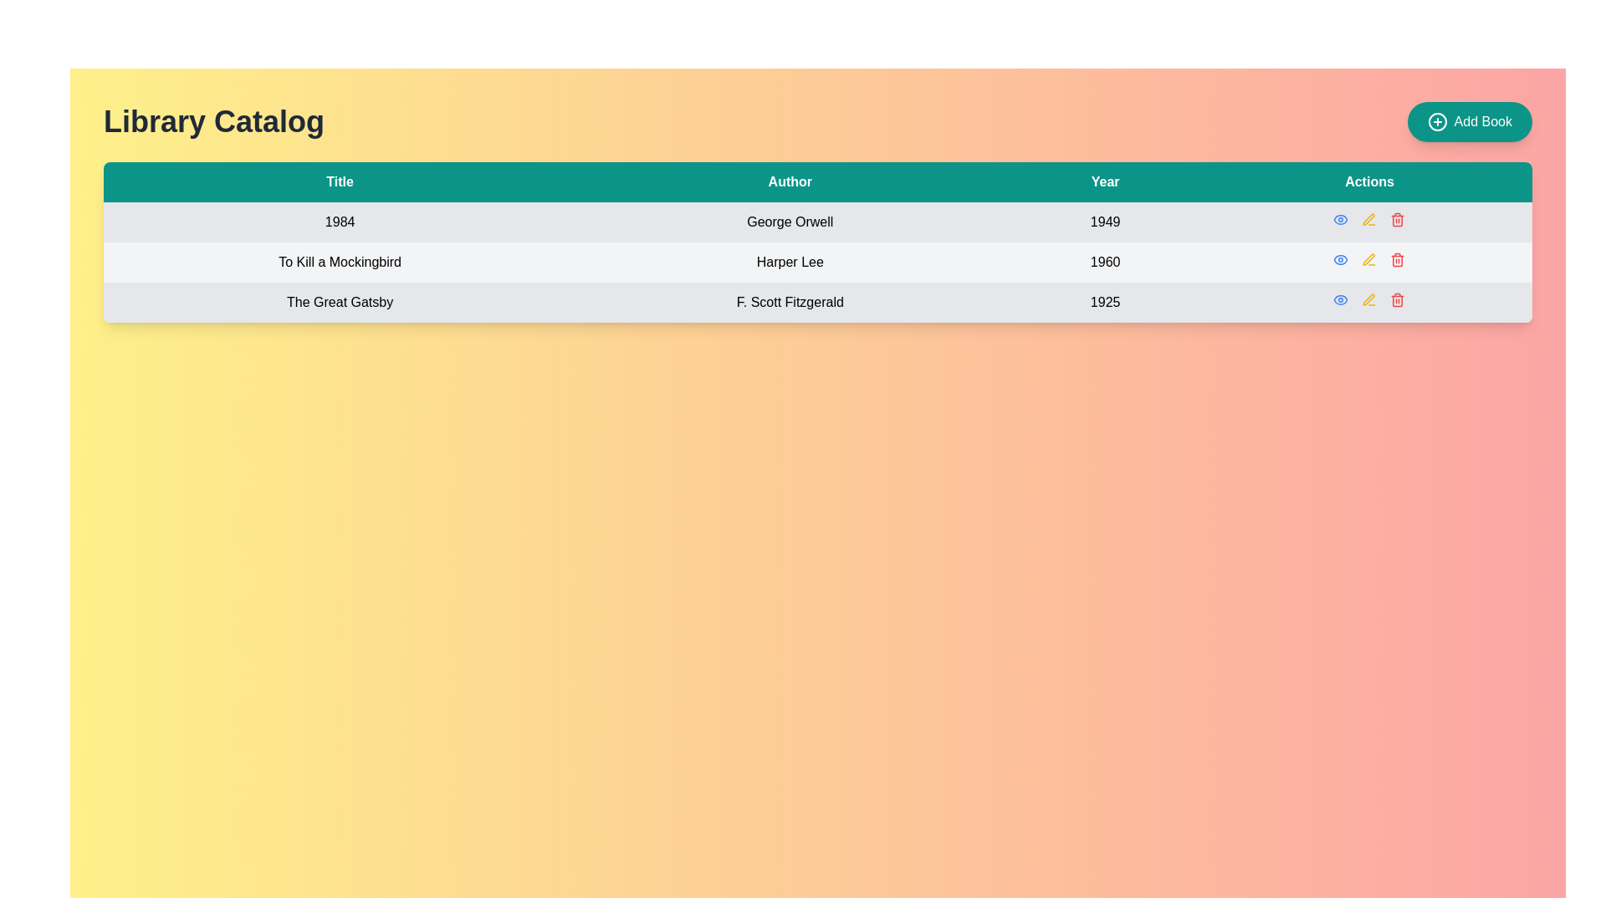 This screenshot has height=903, width=1606. I want to click on the yellow pencil icon in the 'Actions' column of the first row in the table for the book '1984' by George Orwell, so click(1369, 218).